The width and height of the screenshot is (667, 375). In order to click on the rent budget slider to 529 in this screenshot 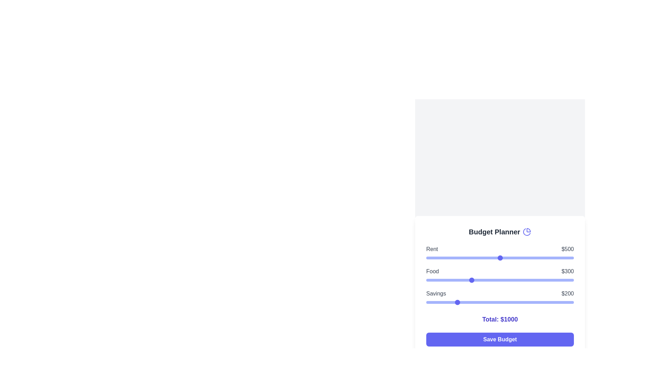, I will do `click(504, 258)`.